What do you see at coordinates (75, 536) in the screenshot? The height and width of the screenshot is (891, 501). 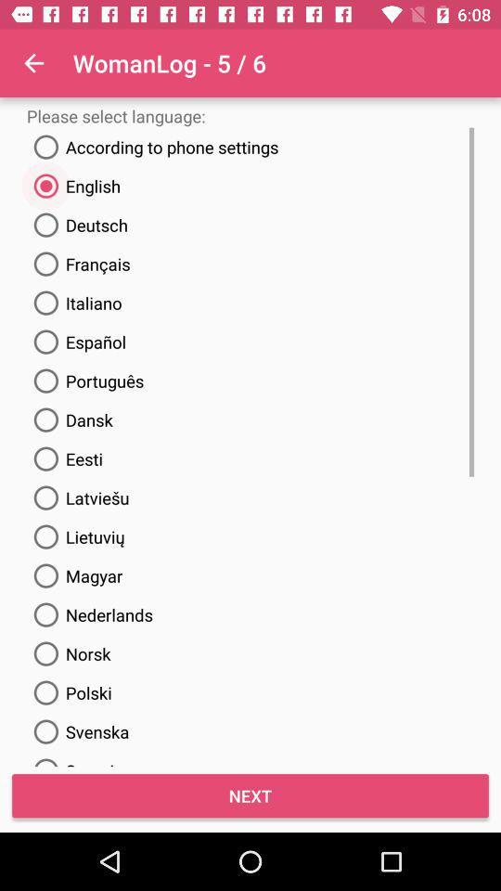 I see `the button above magyar` at bounding box center [75, 536].